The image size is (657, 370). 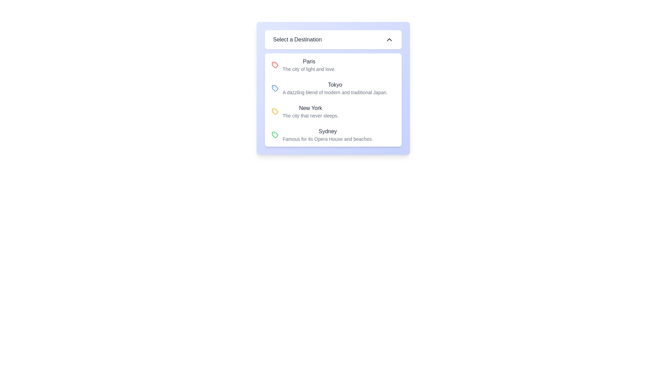 I want to click on the 'Tokyo' icon, which represents the Tokyo element in the list, located next to the text 'Tokyo', so click(x=275, y=88).